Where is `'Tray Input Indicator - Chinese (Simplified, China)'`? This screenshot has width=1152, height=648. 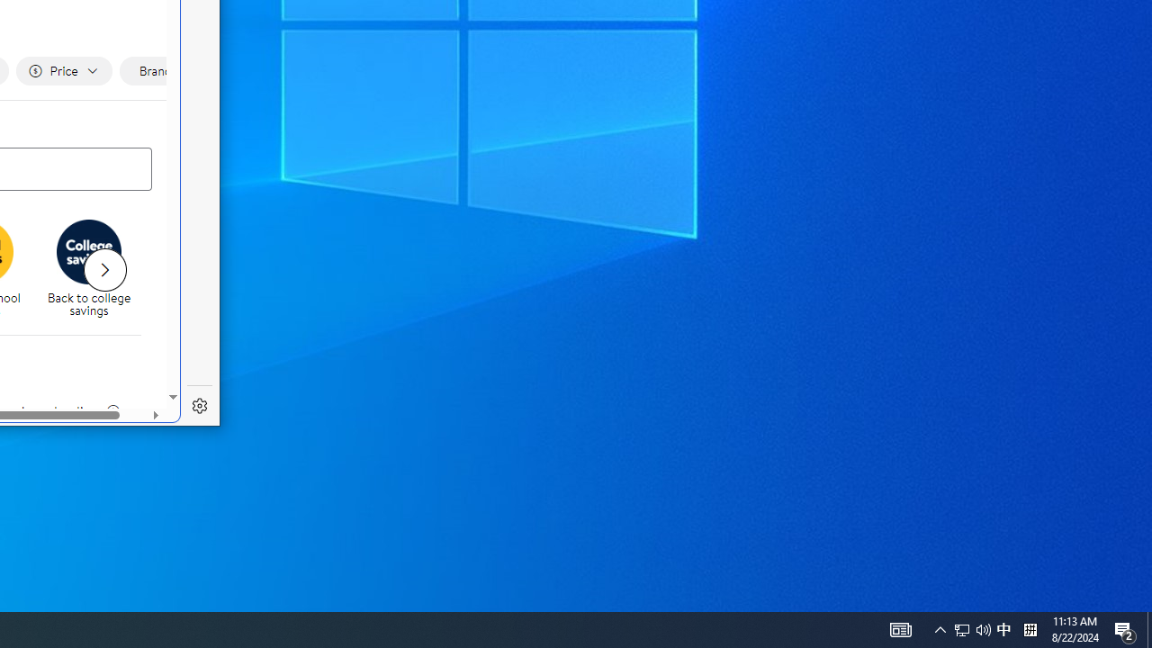
'Tray Input Indicator - Chinese (Simplified, China)' is located at coordinates (1030, 628).